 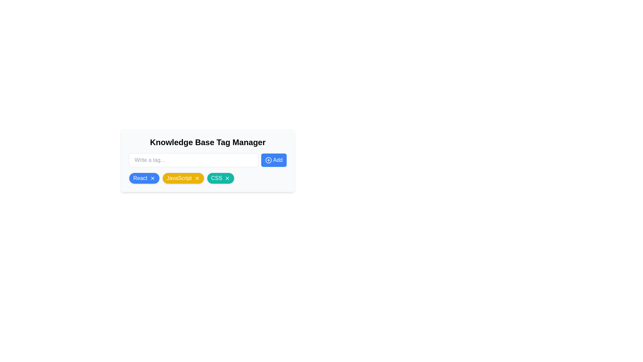 I want to click on the 'JavaScript' tag button, which is the second pill, so click(x=183, y=178).